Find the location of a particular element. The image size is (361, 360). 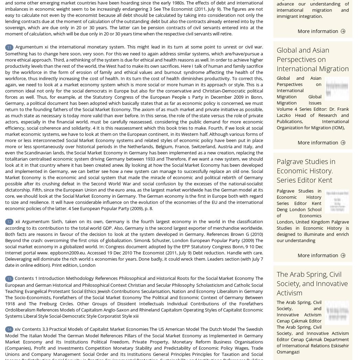

'The Arab Spring, Civil Society, and Innovative Activism' is located at coordinates (312, 283).